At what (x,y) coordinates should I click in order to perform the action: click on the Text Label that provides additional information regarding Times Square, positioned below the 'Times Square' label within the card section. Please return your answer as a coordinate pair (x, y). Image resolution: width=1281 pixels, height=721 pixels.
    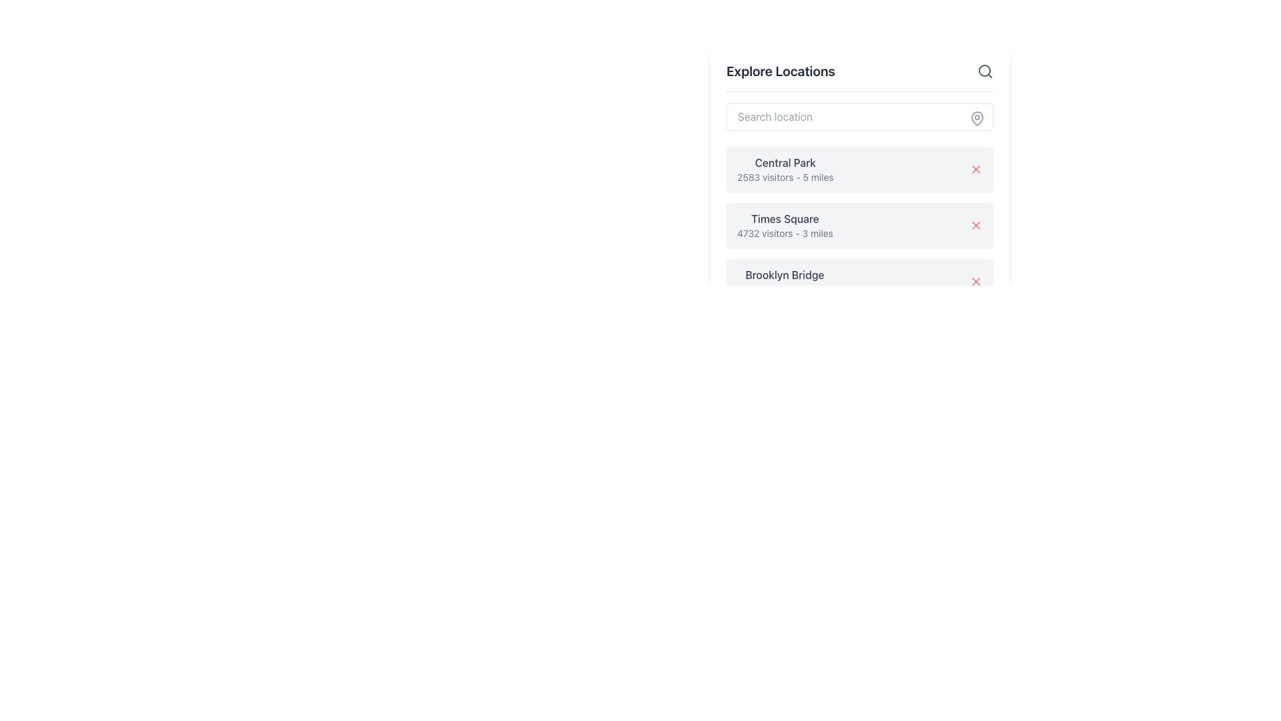
    Looking at the image, I should click on (785, 233).